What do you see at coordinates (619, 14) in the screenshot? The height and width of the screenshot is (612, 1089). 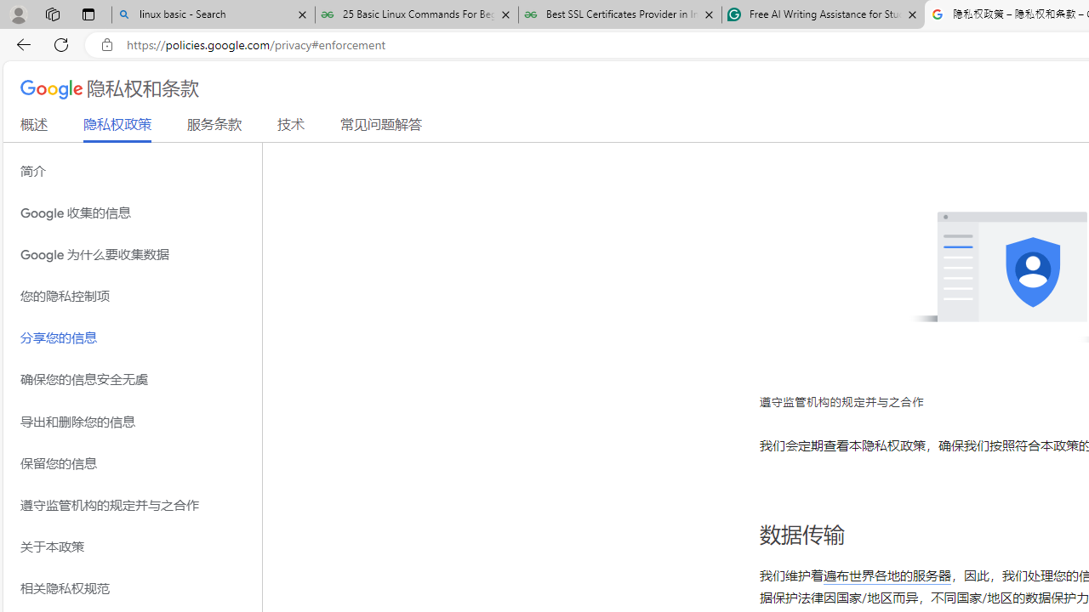 I see `'Best SSL Certificates Provider in India - GeeksforGeeks'` at bounding box center [619, 14].